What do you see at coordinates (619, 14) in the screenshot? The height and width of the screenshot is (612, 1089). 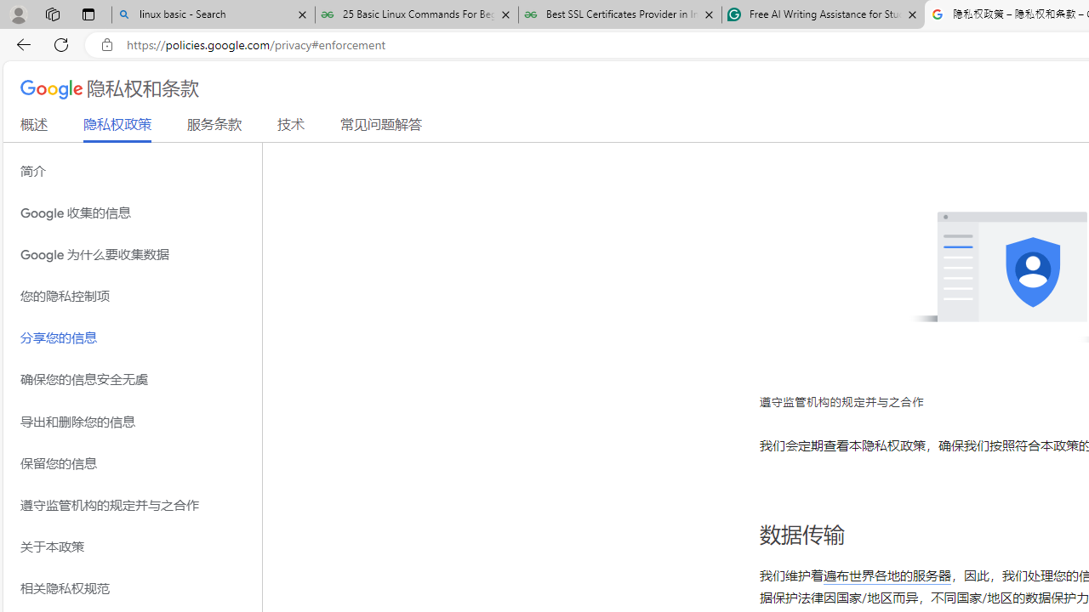 I see `'Best SSL Certificates Provider in India - GeeksforGeeks'` at bounding box center [619, 14].